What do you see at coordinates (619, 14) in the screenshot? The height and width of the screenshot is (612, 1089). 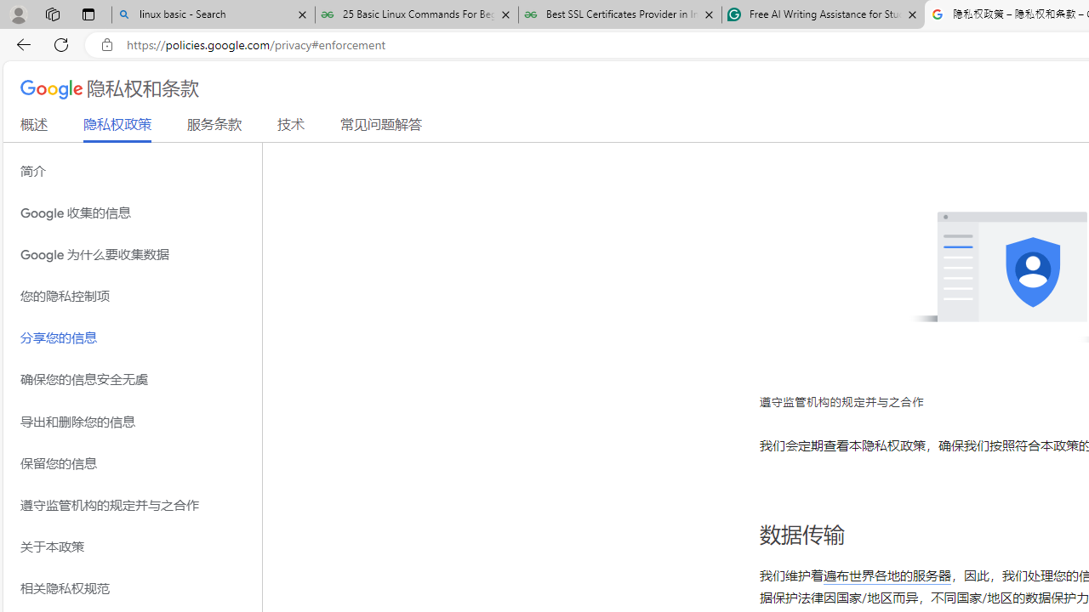 I see `'Best SSL Certificates Provider in India - GeeksforGeeks'` at bounding box center [619, 14].